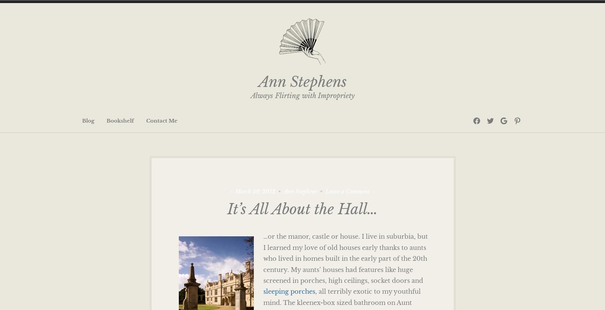 Image resolution: width=605 pixels, height=310 pixels. What do you see at coordinates (263, 292) in the screenshot?
I see `'sleeping porches'` at bounding box center [263, 292].